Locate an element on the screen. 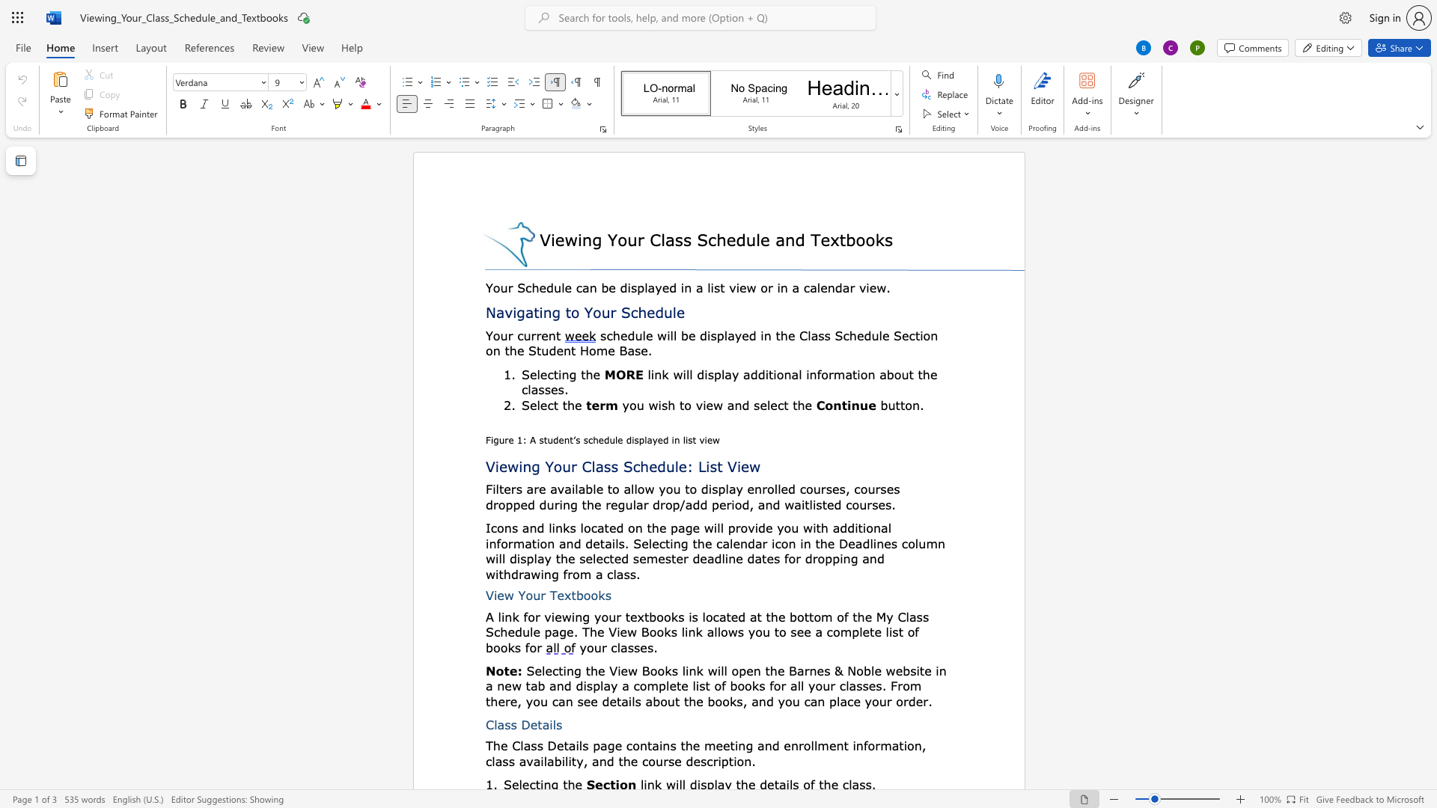  the 1th character "k" in the text is located at coordinates (565, 527).